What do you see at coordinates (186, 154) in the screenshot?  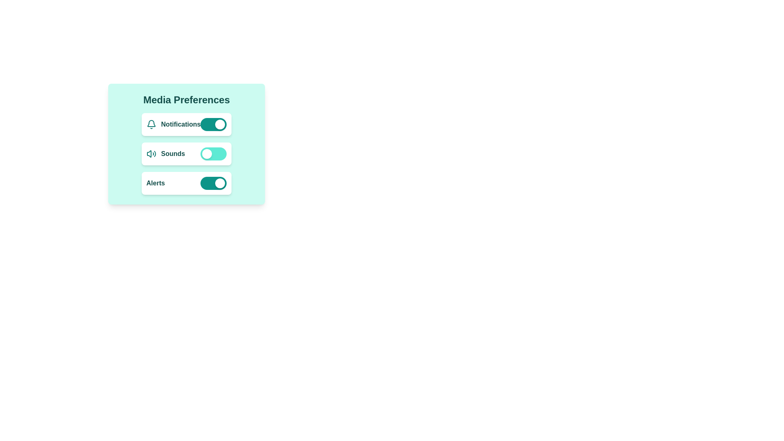 I see `the Settings panel component containing the labels 'Notifications', 'Sounds', and 'Alerts'` at bounding box center [186, 154].